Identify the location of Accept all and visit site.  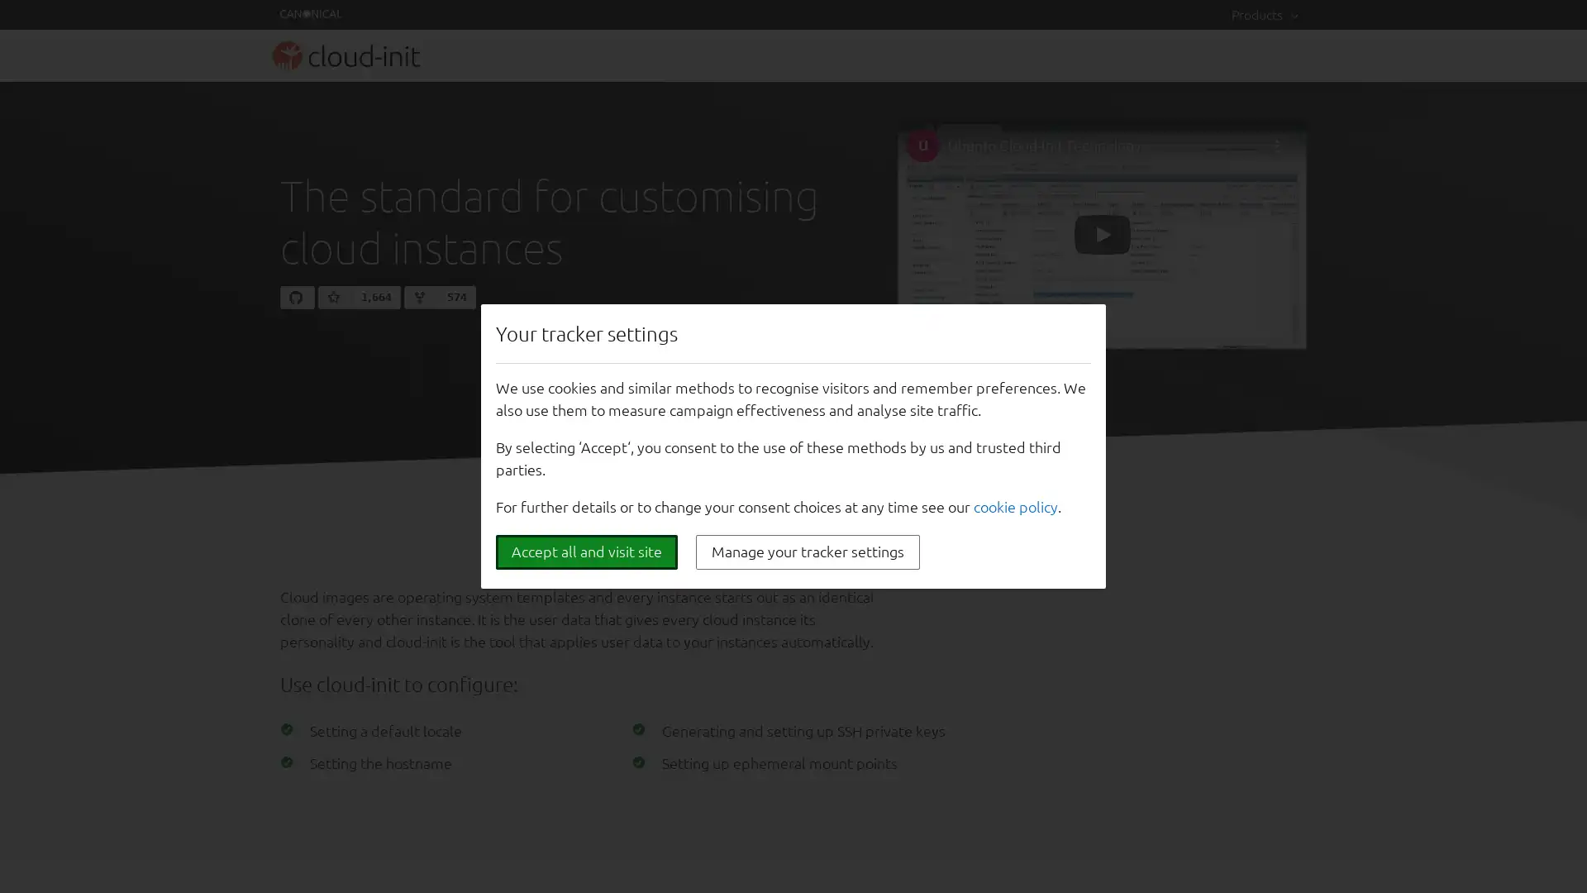
(587, 552).